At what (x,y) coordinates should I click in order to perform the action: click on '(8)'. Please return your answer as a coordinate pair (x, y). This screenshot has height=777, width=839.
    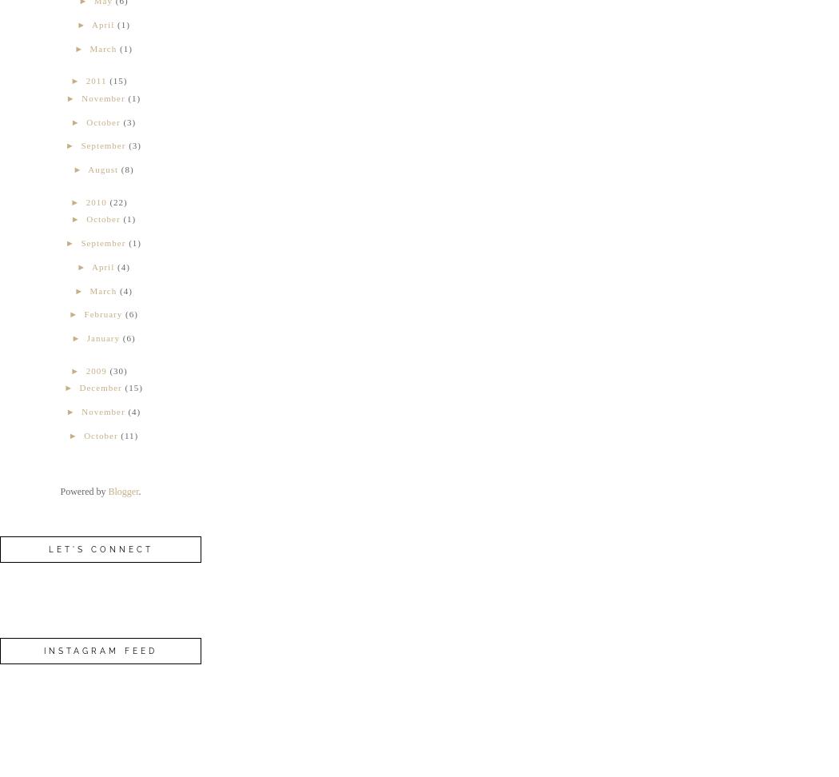
    Looking at the image, I should click on (126, 168).